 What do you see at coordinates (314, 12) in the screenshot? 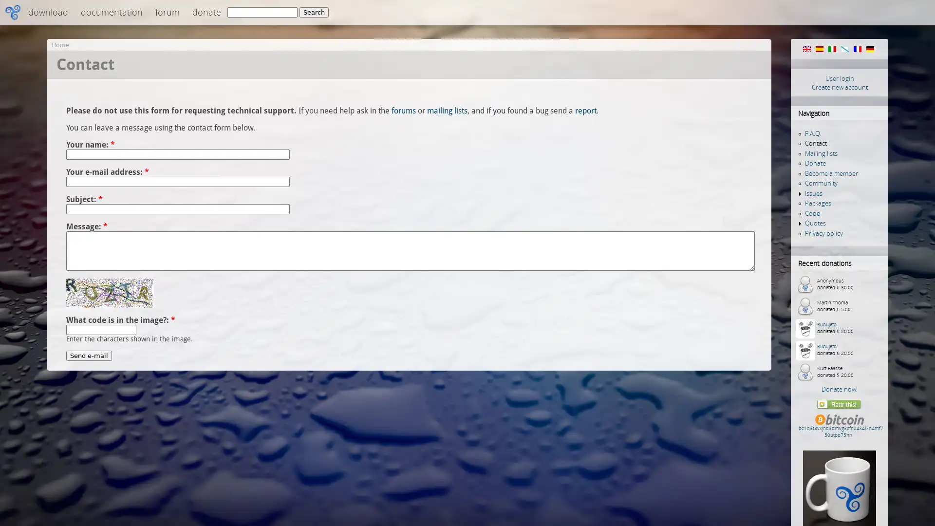
I see `Search` at bounding box center [314, 12].